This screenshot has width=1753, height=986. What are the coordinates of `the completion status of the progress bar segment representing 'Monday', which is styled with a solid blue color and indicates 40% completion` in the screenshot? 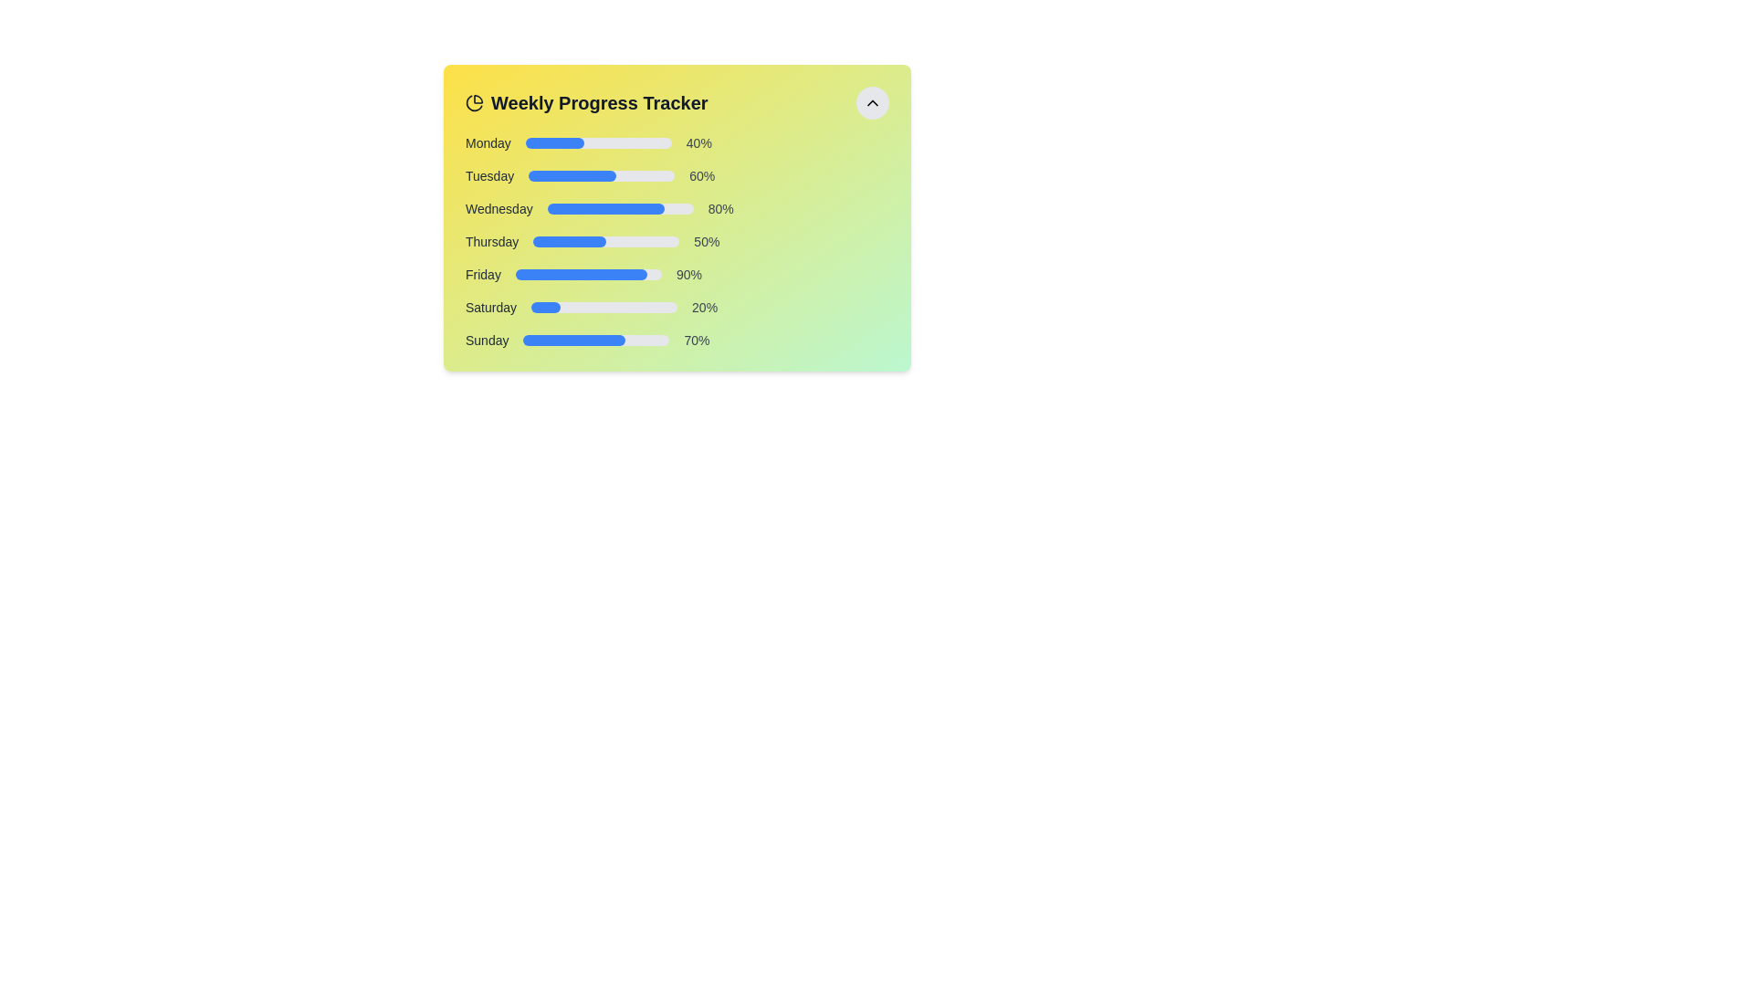 It's located at (553, 142).